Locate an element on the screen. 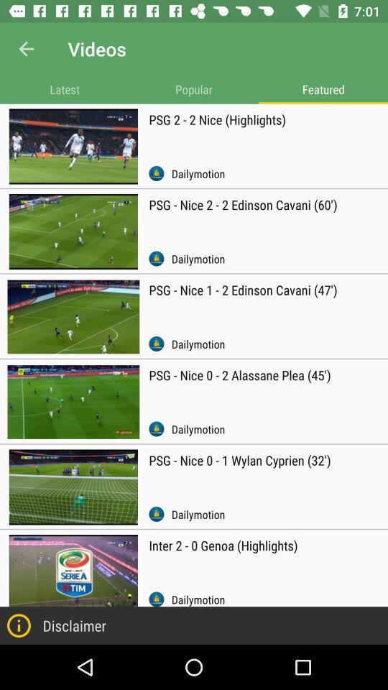  item next to the popular is located at coordinates (64, 88).